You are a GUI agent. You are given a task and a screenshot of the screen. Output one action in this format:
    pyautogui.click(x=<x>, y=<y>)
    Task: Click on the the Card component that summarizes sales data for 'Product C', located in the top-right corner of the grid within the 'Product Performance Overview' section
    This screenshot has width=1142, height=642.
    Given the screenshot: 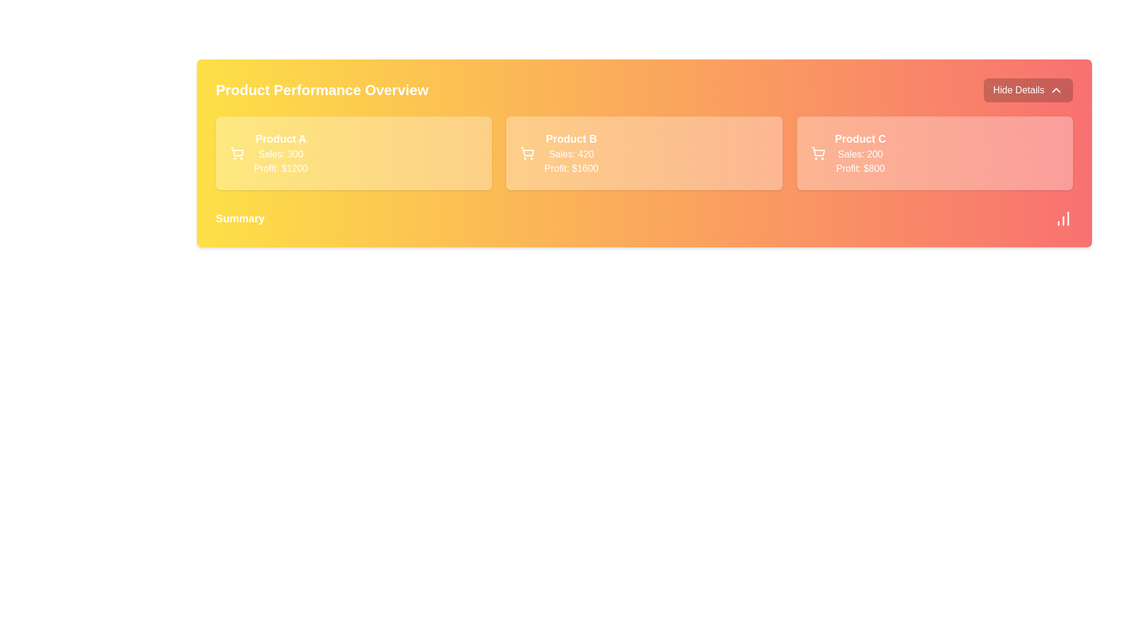 What is the action you would take?
    pyautogui.click(x=934, y=153)
    